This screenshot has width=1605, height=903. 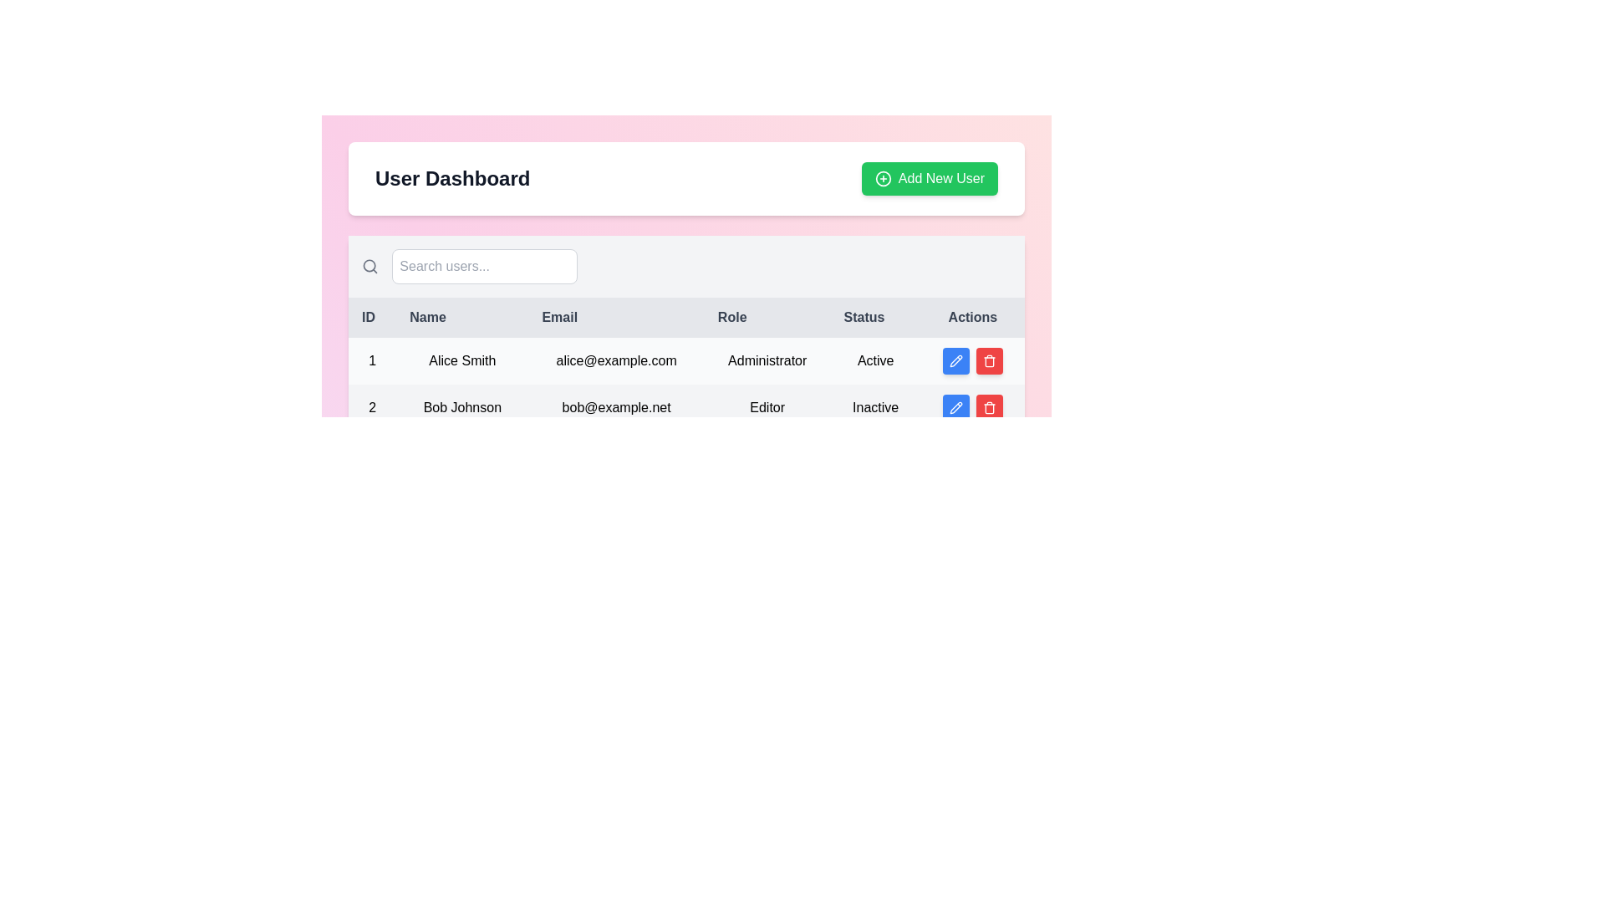 I want to click on the user addition icon located before the 'Add New User' button to visually indicate the action of adding a new user, so click(x=882, y=178).